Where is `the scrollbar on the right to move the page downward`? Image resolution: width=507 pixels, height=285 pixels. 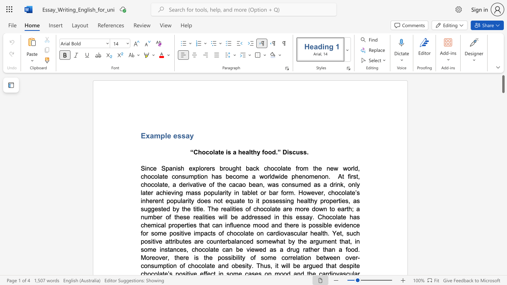 the scrollbar on the right to move the page downward is located at coordinates (503, 150).